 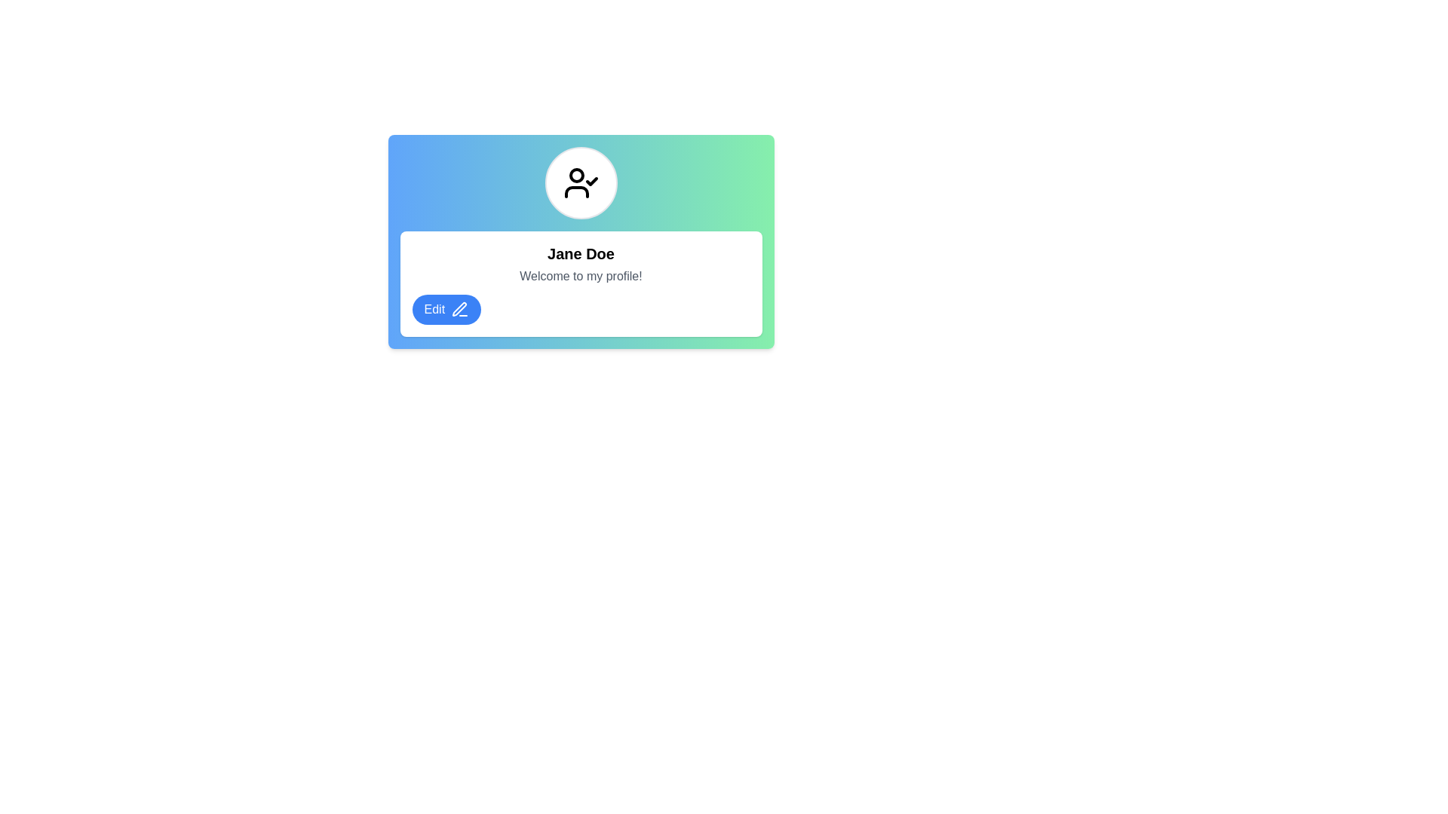 I want to click on the pen icon located within the blue 'Edit' button, so click(x=459, y=309).